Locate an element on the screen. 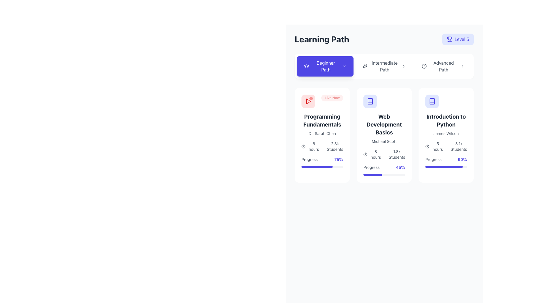 The width and height of the screenshot is (543, 305). the horizontal navigation bar options for 'Beginner', 'Intermediate', and 'Advanced' to change their visual feedback is located at coordinates (384, 66).